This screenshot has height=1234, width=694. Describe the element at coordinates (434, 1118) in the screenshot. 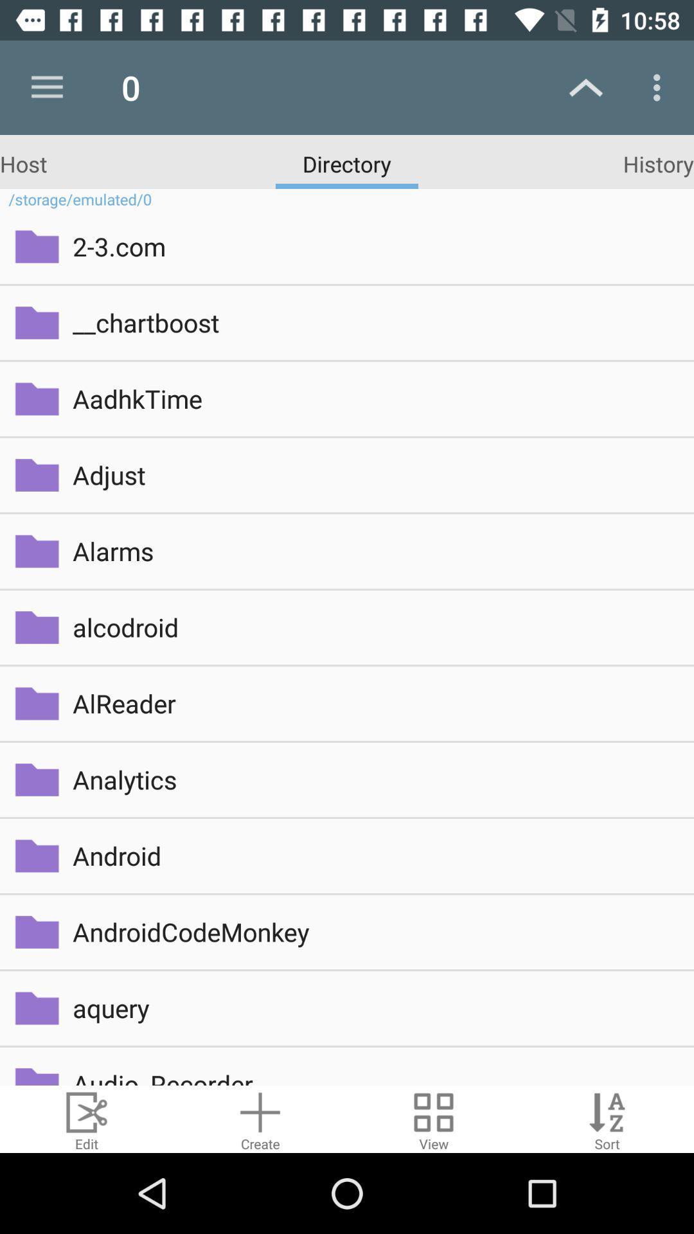

I see `view` at that location.